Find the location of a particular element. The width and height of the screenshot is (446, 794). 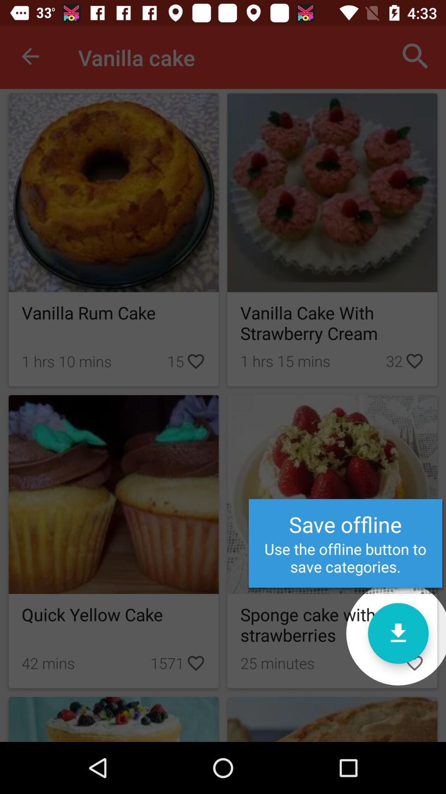

icon to the left of the vanilla cake item is located at coordinates (30, 56).